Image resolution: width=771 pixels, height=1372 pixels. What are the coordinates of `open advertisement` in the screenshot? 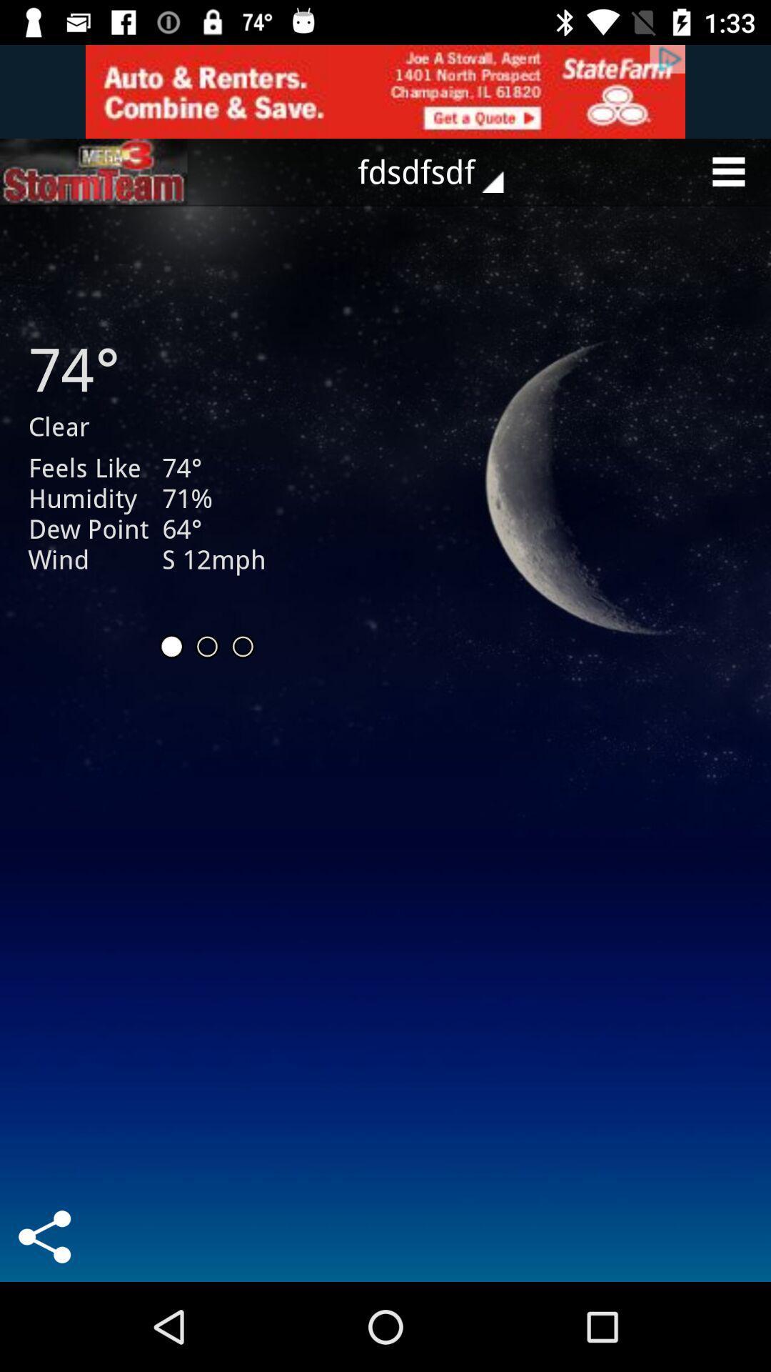 It's located at (94, 171).